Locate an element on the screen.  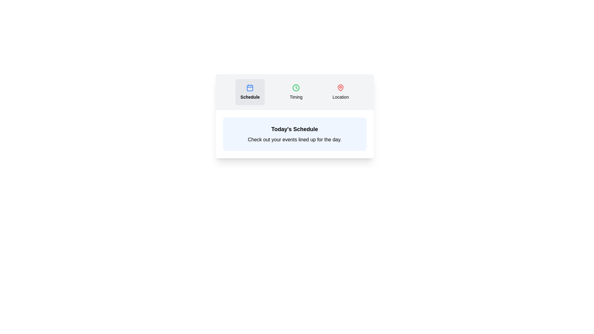
the tab labeled Location is located at coordinates (340, 92).